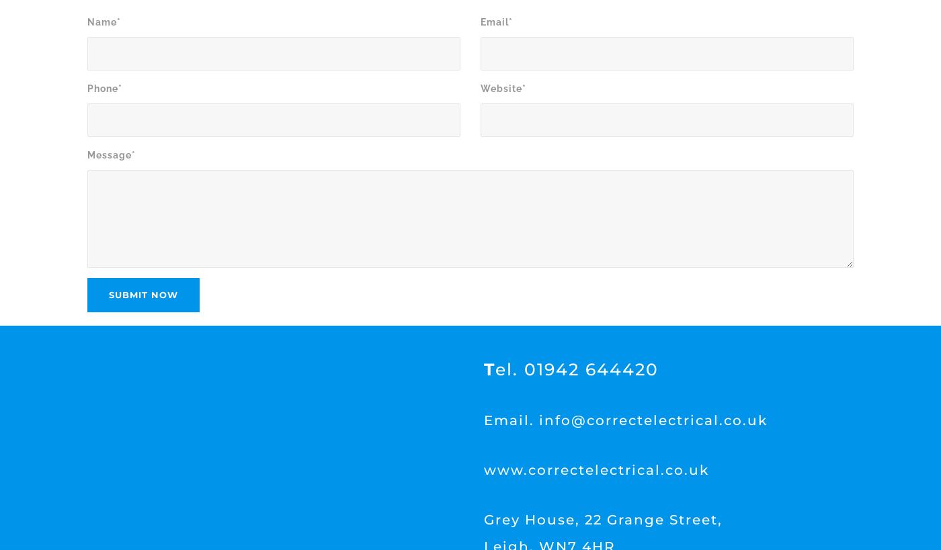 The height and width of the screenshot is (550, 941). Describe the element at coordinates (596, 469) in the screenshot. I see `'www.correctelectrical.co.uk'` at that location.